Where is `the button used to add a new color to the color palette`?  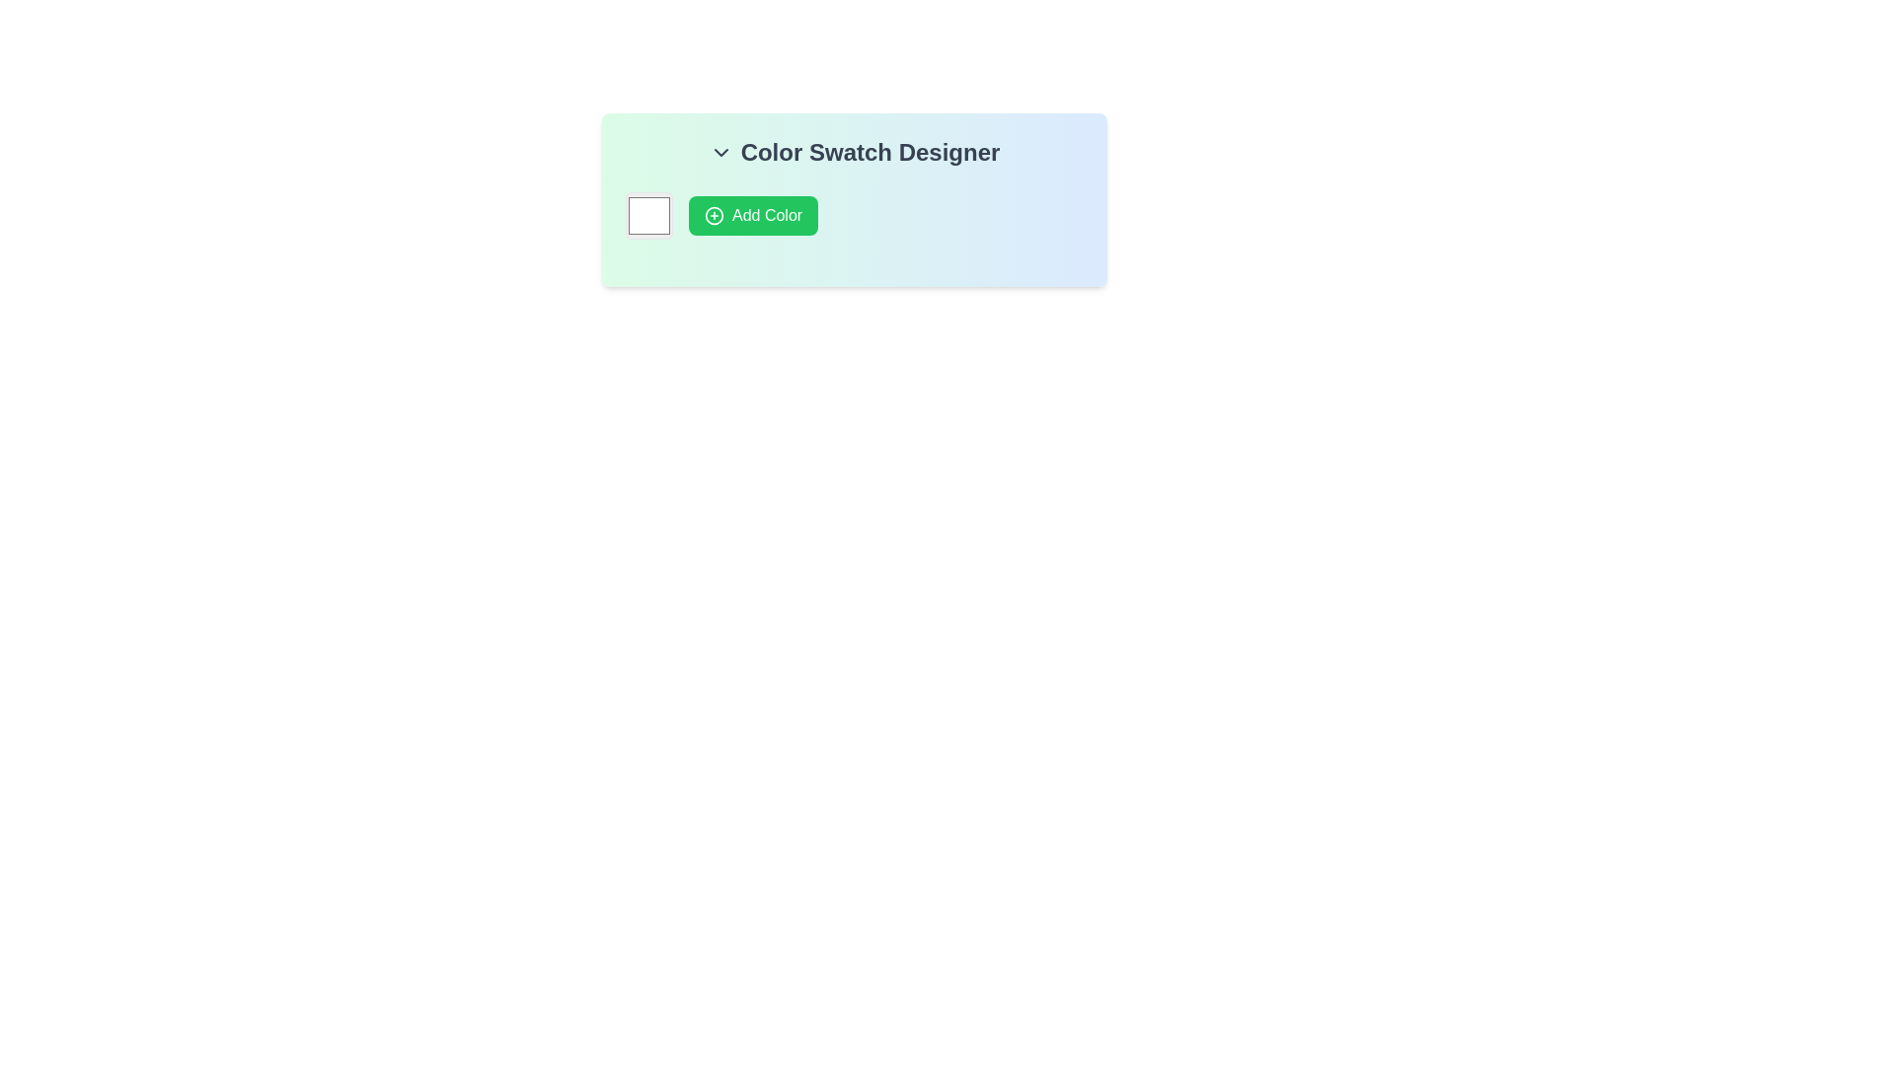 the button used to add a new color to the color palette is located at coordinates (752, 216).